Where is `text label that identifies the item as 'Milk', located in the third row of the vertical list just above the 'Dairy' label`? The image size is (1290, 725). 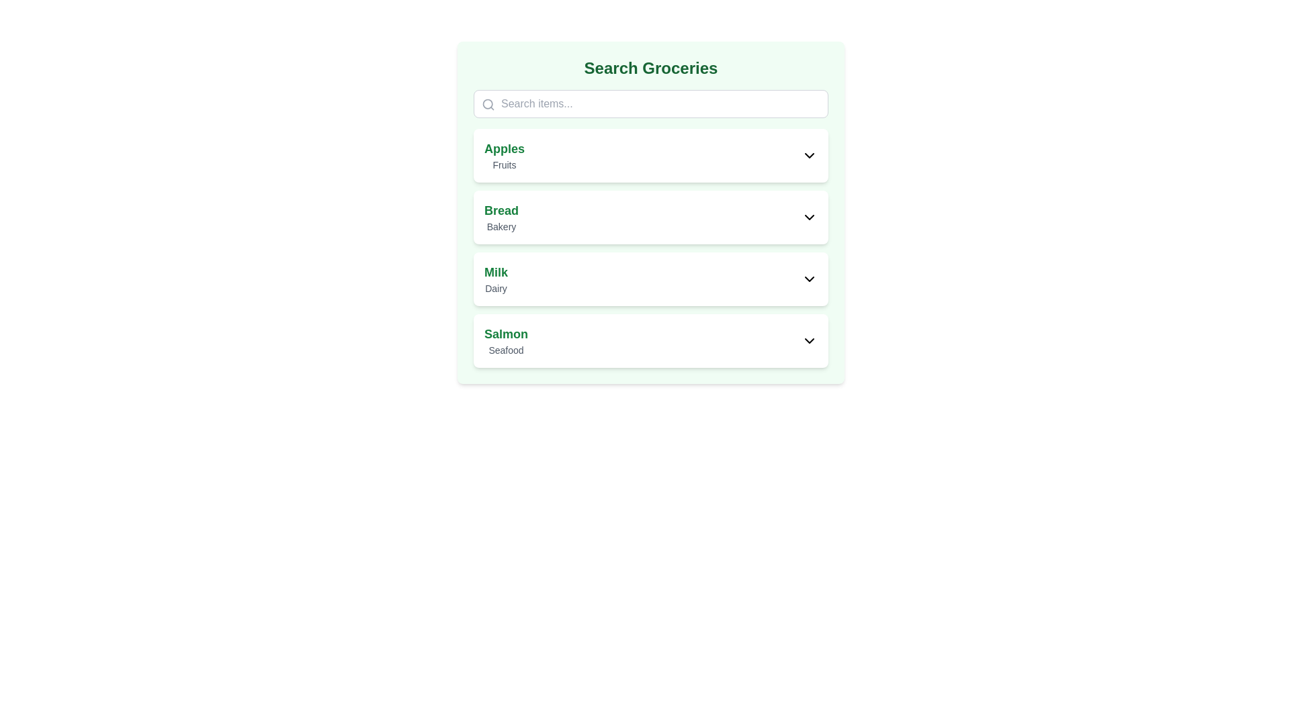
text label that identifies the item as 'Milk', located in the third row of the vertical list just above the 'Dairy' label is located at coordinates (495, 272).